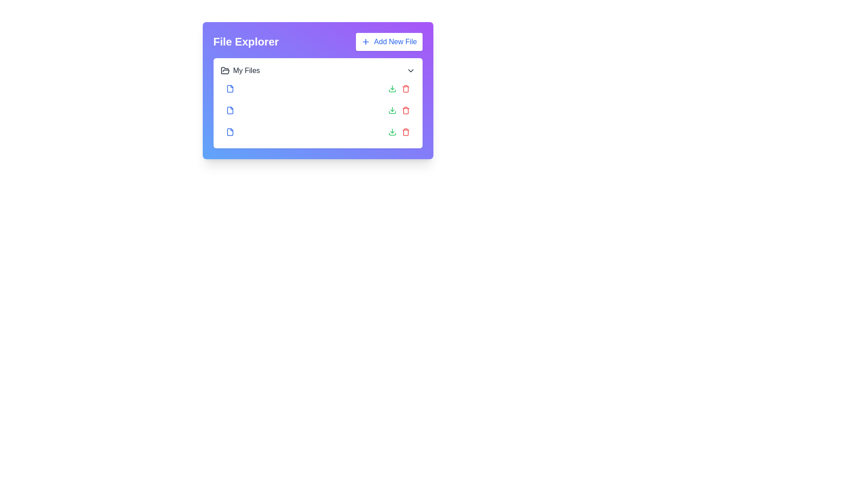  What do you see at coordinates (230, 88) in the screenshot?
I see `the document file icon representing 'Project_Plan.docx' located on the leftmost side of its row in the file listing component` at bounding box center [230, 88].